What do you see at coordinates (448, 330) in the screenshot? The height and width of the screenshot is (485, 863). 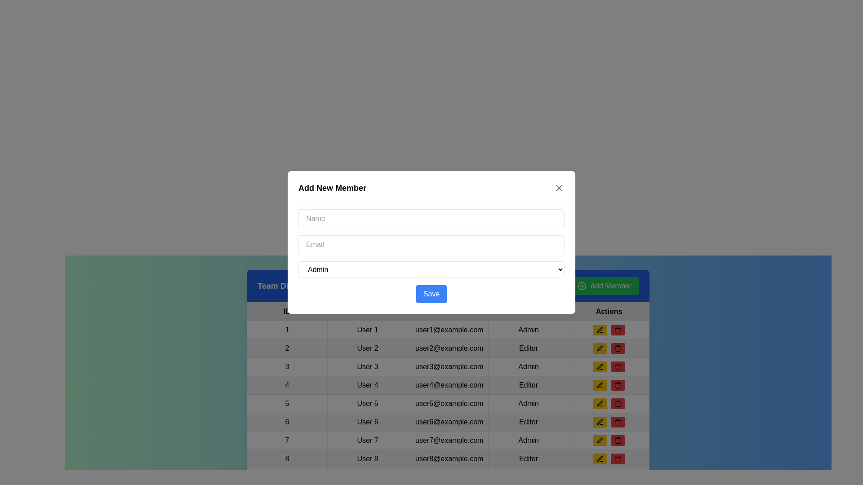 I see `the Text label displaying 'user1@example.com' located in the third column of the first data row of a table` at bounding box center [448, 330].